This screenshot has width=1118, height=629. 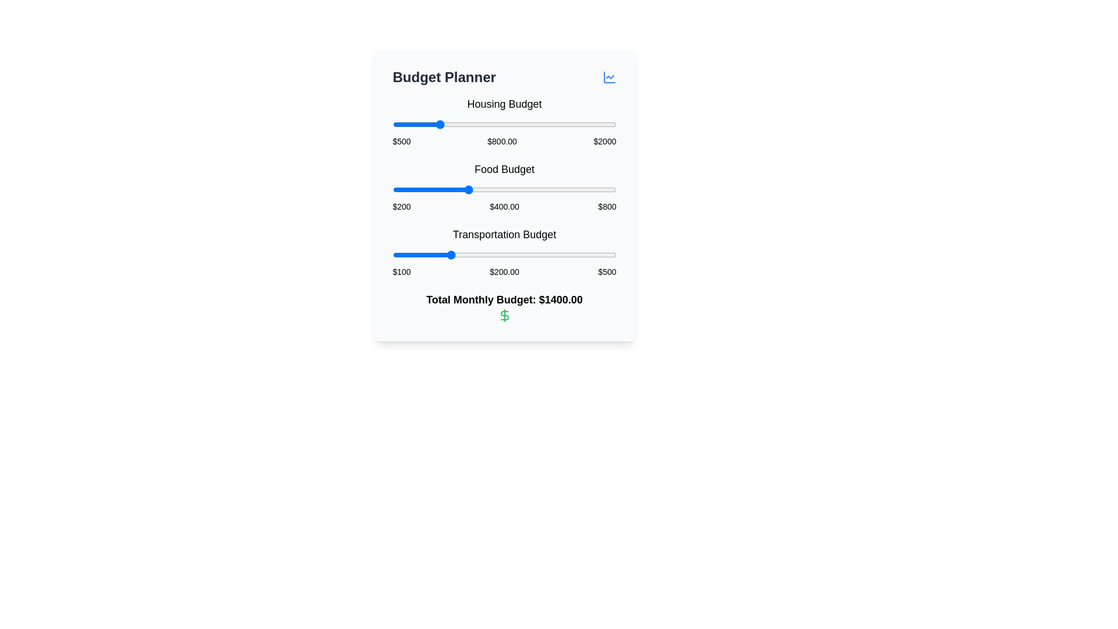 What do you see at coordinates (423, 124) in the screenshot?
I see `the housing budget slider` at bounding box center [423, 124].